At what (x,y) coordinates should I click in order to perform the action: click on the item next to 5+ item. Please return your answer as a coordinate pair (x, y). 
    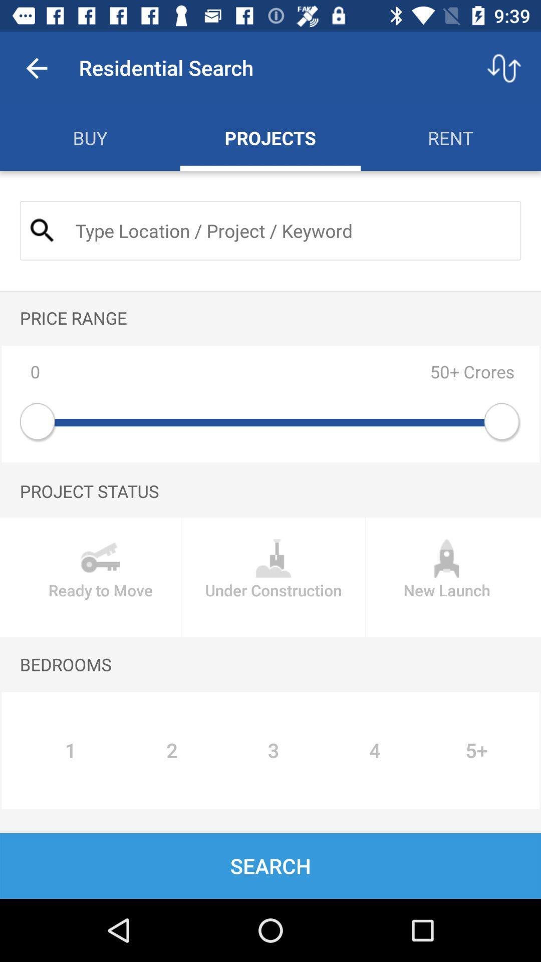
    Looking at the image, I should click on (375, 751).